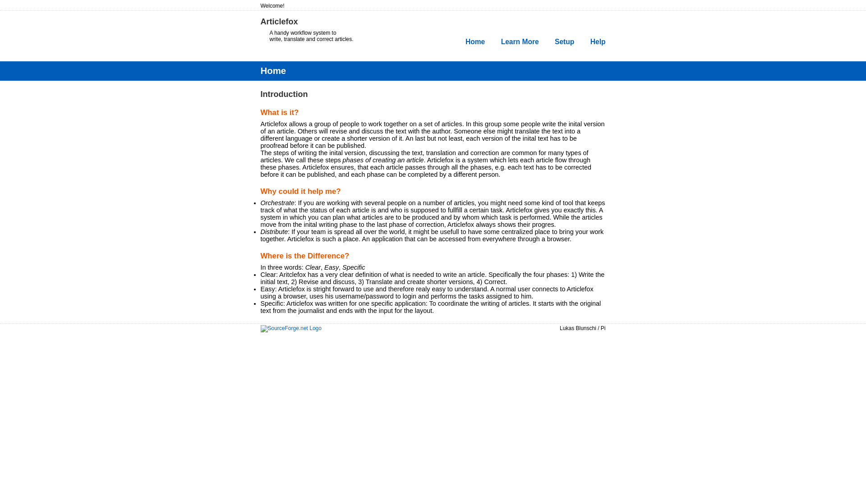 The width and height of the screenshot is (866, 487). Describe the element at coordinates (564, 41) in the screenshot. I see `'Setup'` at that location.